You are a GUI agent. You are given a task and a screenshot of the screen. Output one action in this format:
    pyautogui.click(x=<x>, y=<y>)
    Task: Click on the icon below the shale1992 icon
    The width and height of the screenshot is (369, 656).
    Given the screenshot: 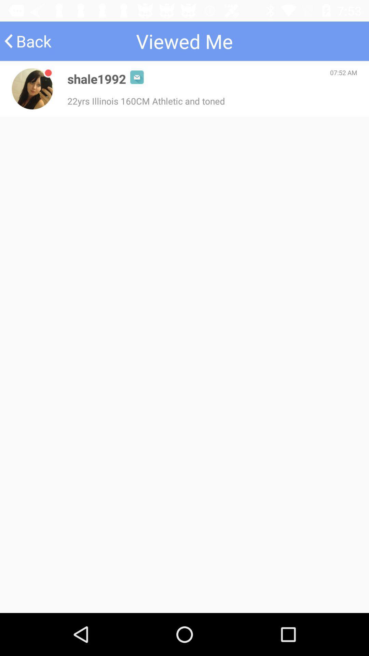 What is the action you would take?
    pyautogui.click(x=146, y=100)
    